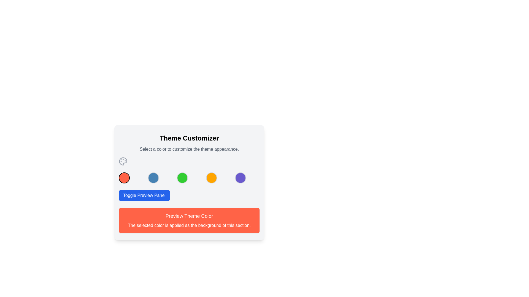 The image size is (529, 297). Describe the element at coordinates (189, 220) in the screenshot. I see `the static display section with a red background that contains the text 'Preview Theme Color' and 'The selected color is applied as the background of this section.'` at that location.